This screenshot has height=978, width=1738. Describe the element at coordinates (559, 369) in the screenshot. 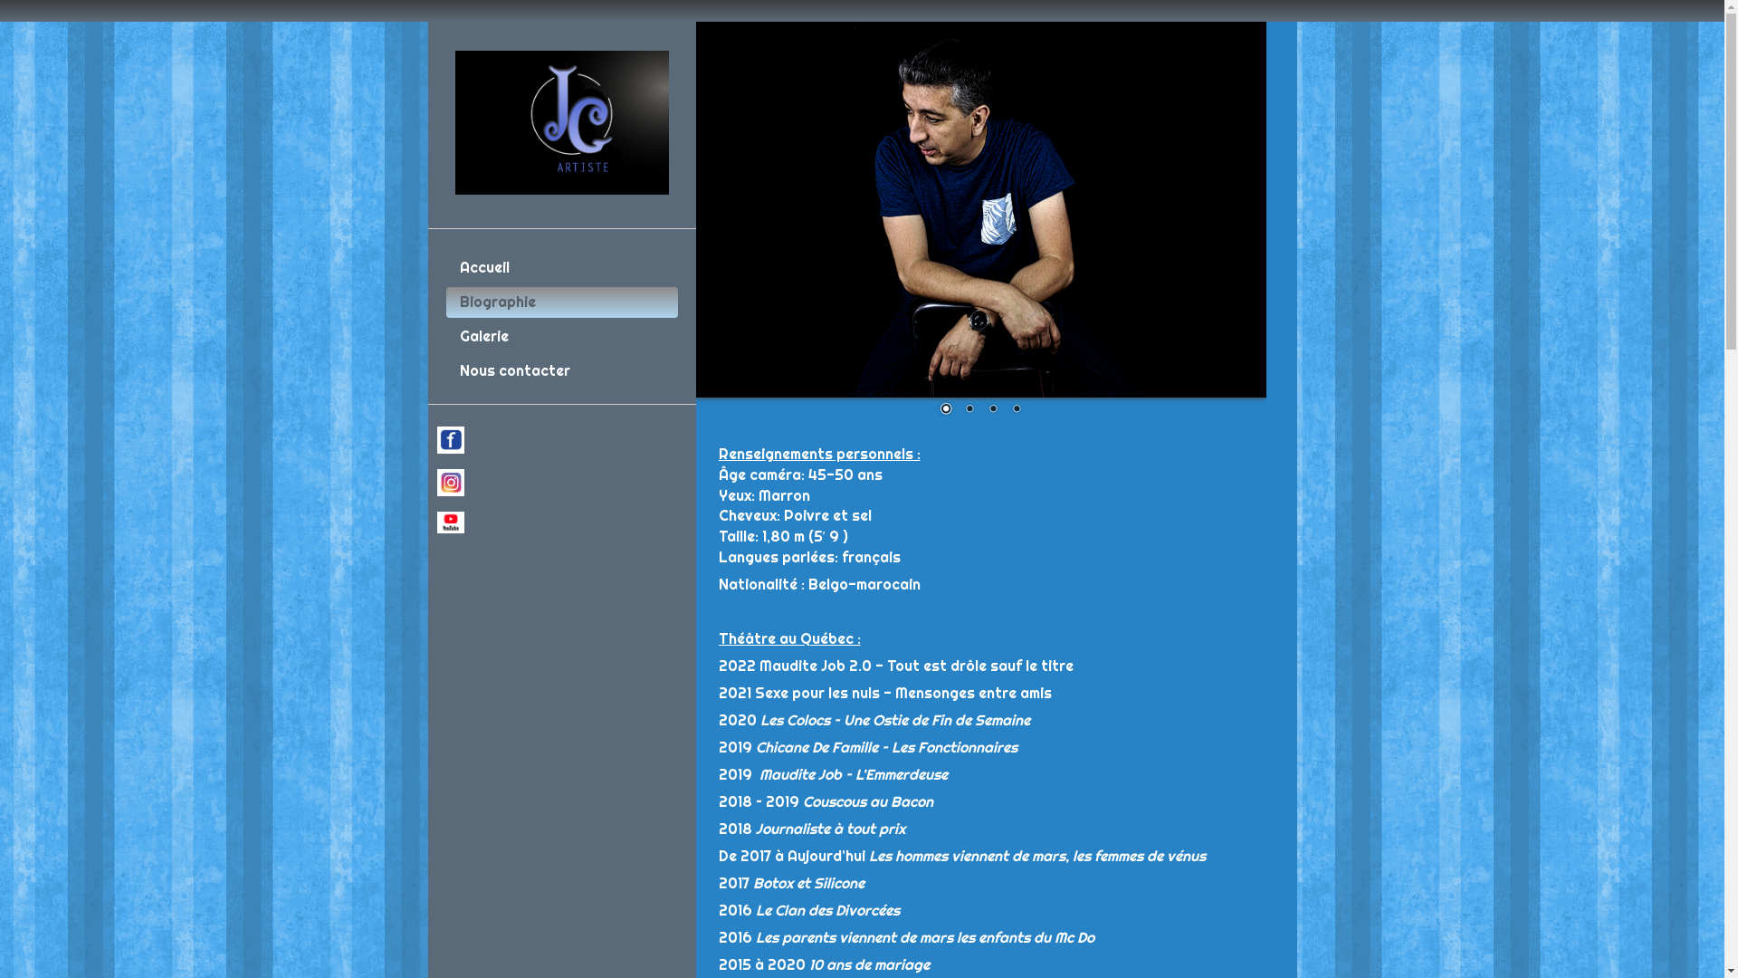

I see `'Nous contacter'` at that location.